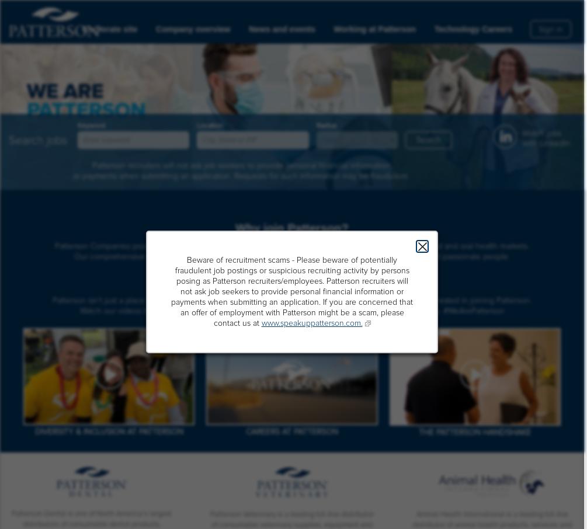 The image size is (587, 529). Describe the element at coordinates (245, 431) in the screenshot. I see `'Careers At Patterson'` at that location.